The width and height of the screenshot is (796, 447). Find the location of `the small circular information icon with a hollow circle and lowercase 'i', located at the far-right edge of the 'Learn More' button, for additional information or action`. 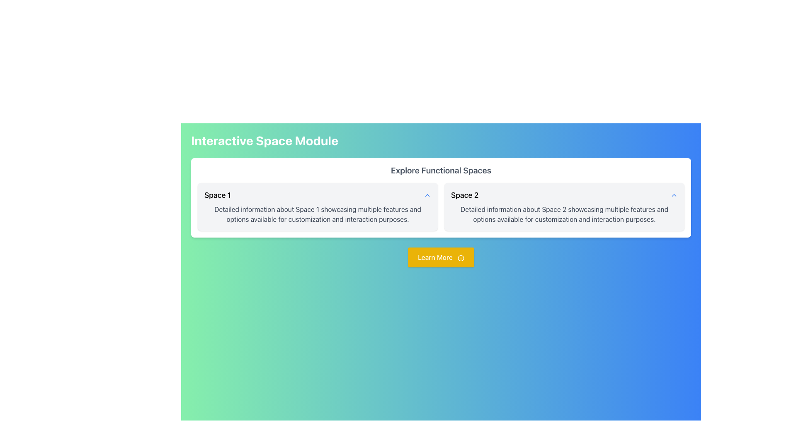

the small circular information icon with a hollow circle and lowercase 'i', located at the far-right edge of the 'Learn More' button, for additional information or action is located at coordinates (460, 257).